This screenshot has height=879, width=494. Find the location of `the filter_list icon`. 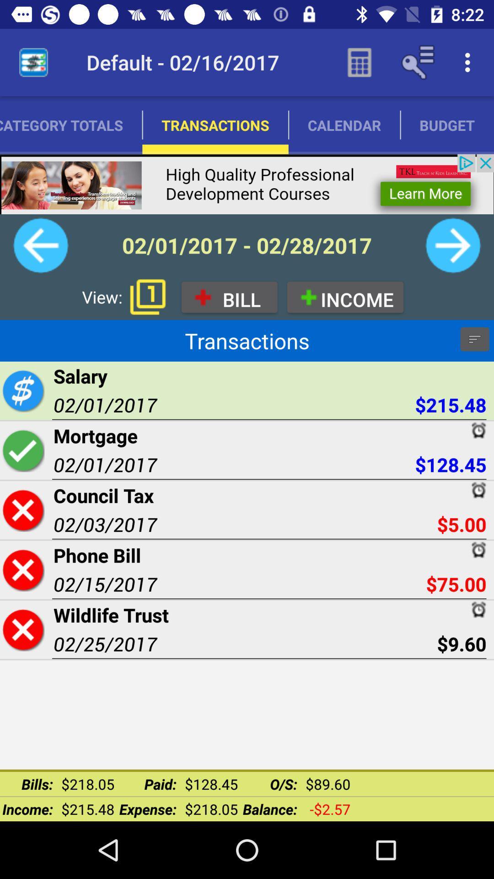

the filter_list icon is located at coordinates (474, 338).